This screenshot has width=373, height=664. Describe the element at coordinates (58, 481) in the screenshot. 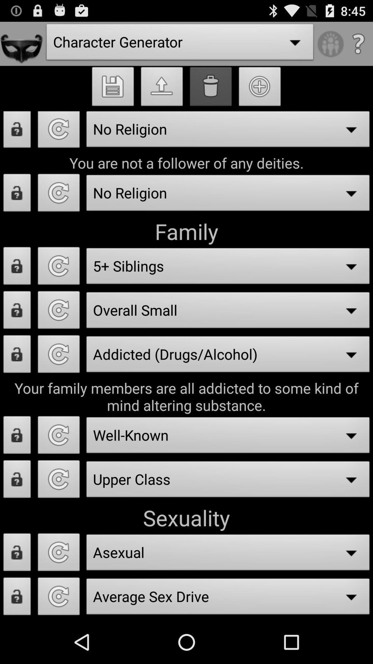

I see `randomize trait` at that location.